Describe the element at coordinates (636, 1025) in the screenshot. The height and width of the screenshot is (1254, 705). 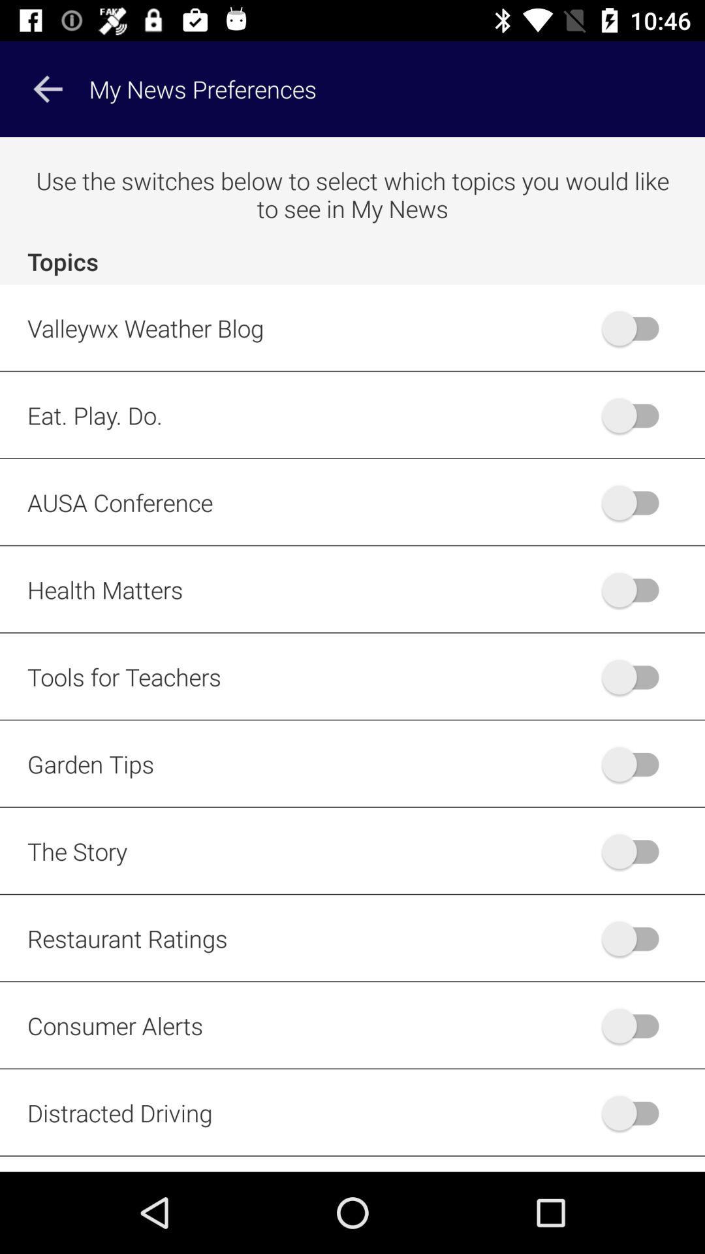
I see `turn on consumer alerts` at that location.